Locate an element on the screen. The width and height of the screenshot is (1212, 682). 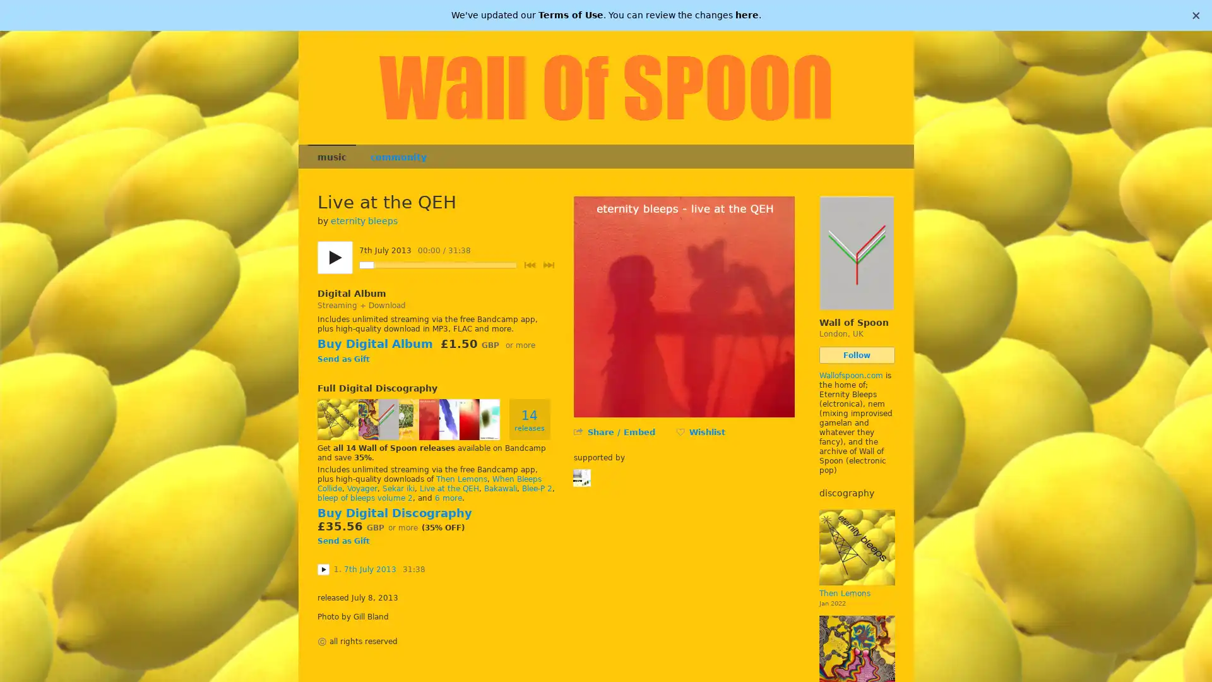
Play 7th July 2013 is located at coordinates (323, 569).